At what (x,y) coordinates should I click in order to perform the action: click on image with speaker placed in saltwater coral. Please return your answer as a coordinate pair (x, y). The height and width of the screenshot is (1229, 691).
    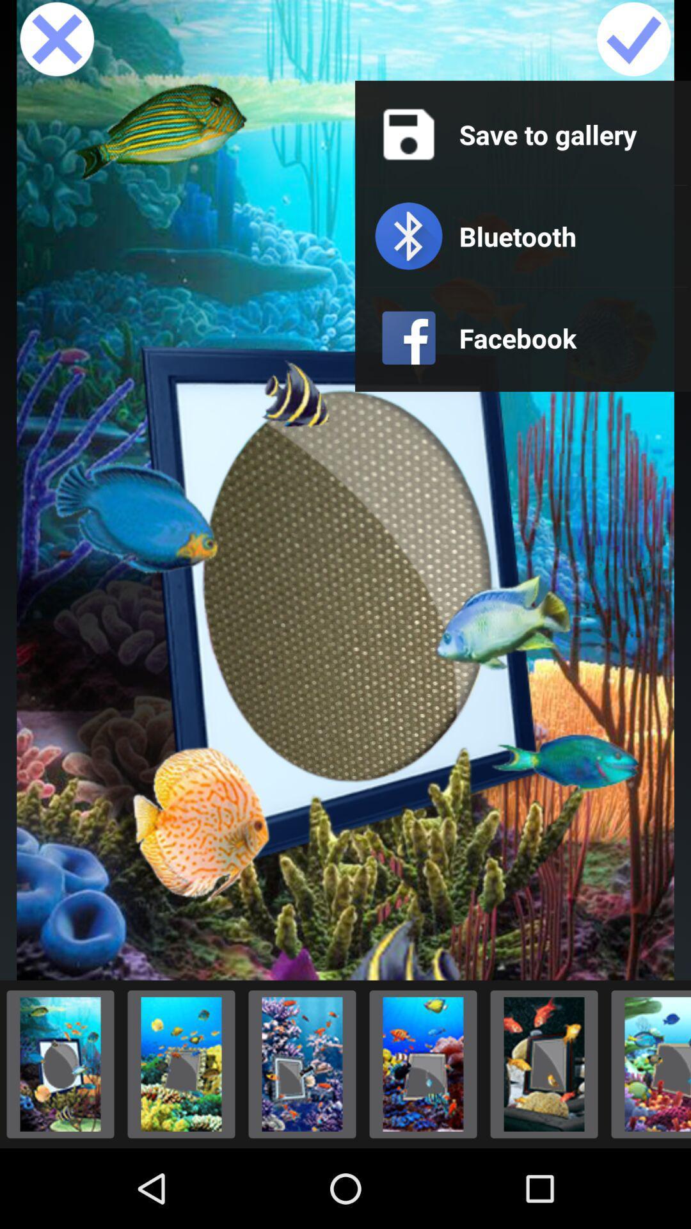
    Looking at the image, I should click on (647, 1064).